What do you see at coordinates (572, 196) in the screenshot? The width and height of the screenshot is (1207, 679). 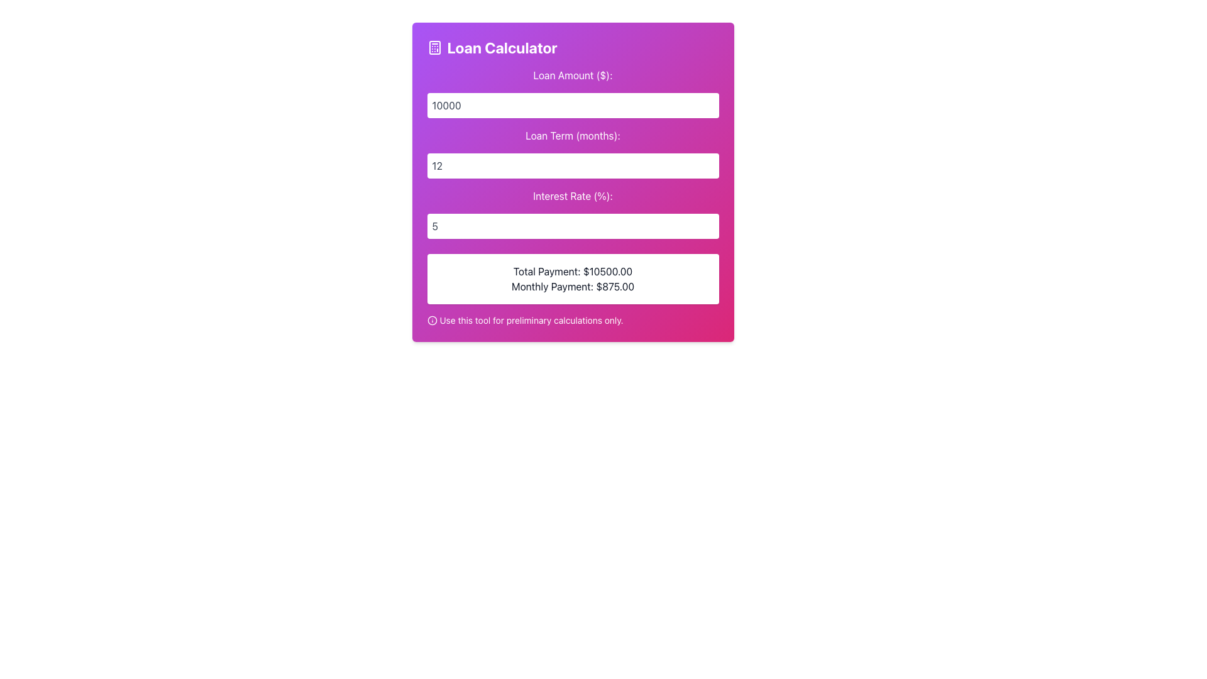 I see `the label displaying 'Interest Rate (%):' which is the third label in a vertical stack, located above the numeric input field for percentage values` at bounding box center [572, 196].